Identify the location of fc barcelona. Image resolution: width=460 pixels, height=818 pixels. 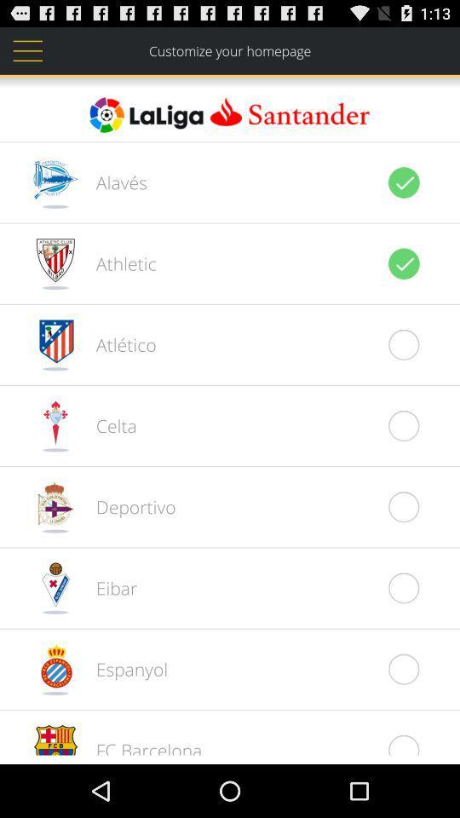
(139, 746).